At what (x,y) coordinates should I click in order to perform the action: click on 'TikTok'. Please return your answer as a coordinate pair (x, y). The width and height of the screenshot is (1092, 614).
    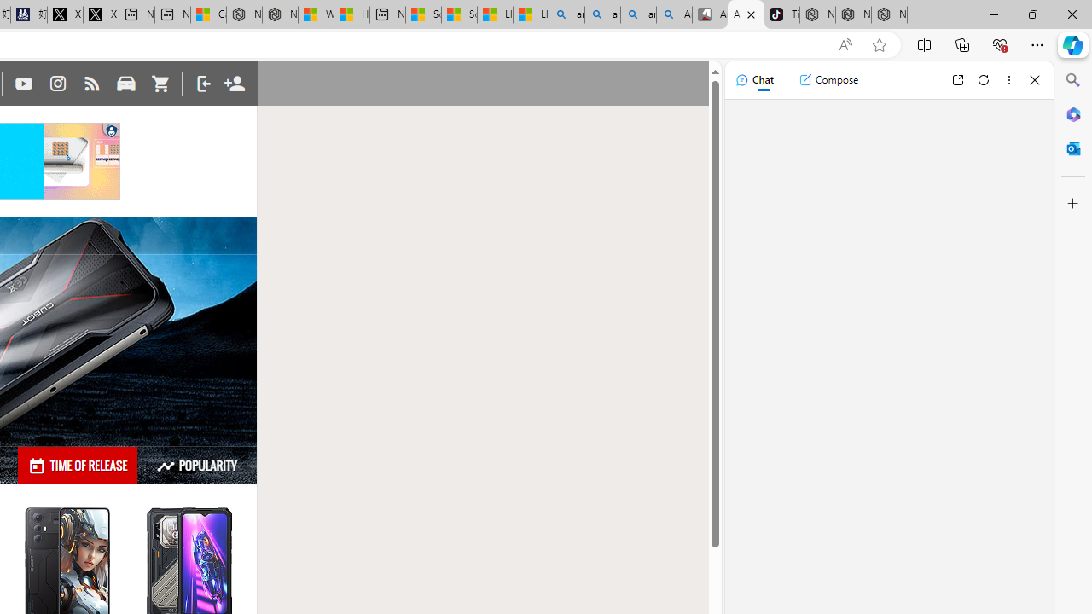
    Looking at the image, I should click on (781, 14).